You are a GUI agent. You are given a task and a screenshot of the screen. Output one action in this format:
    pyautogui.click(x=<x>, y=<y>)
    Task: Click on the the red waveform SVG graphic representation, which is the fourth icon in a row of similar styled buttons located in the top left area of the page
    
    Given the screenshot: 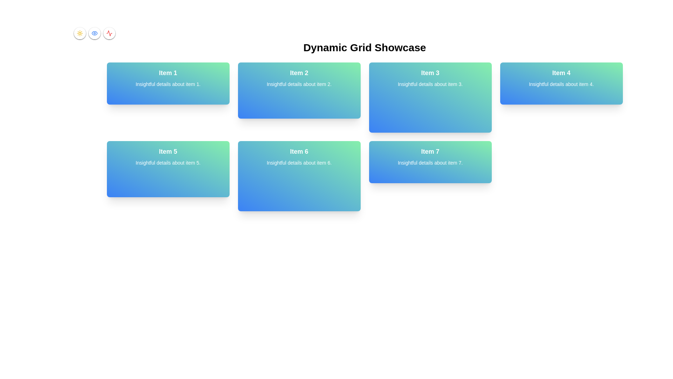 What is the action you would take?
    pyautogui.click(x=109, y=33)
    